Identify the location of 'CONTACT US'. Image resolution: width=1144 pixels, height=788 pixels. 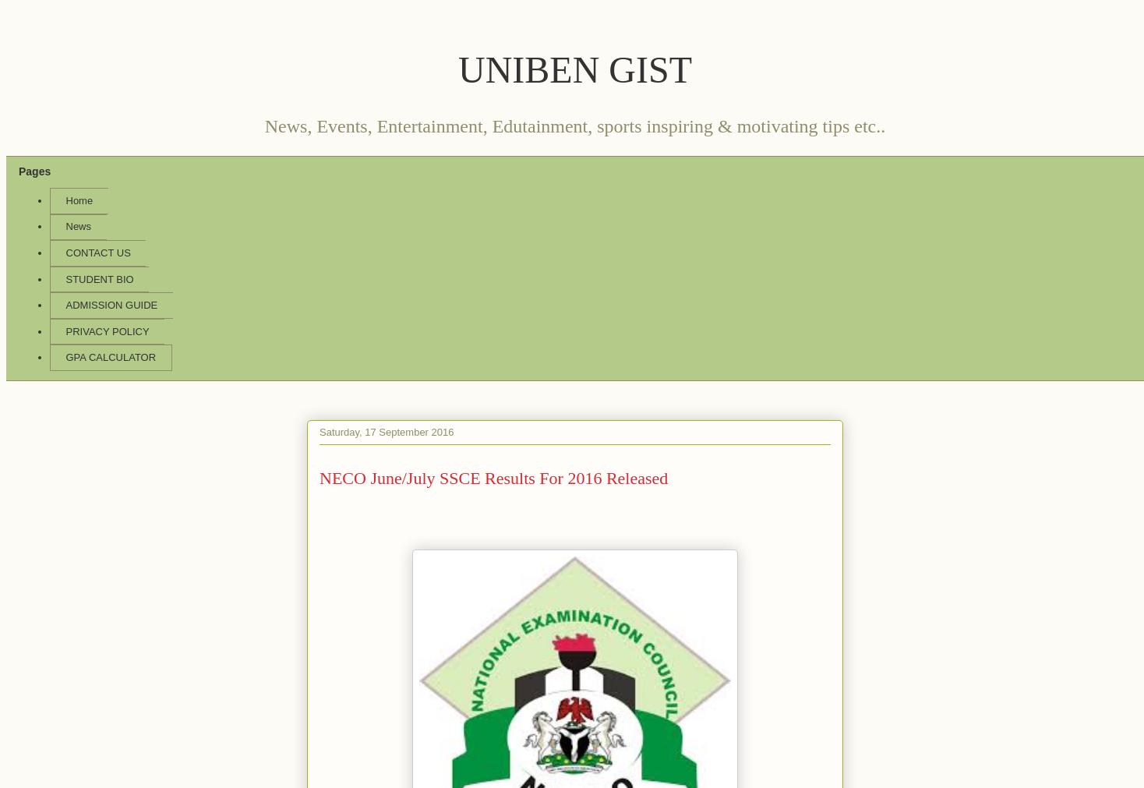
(97, 252).